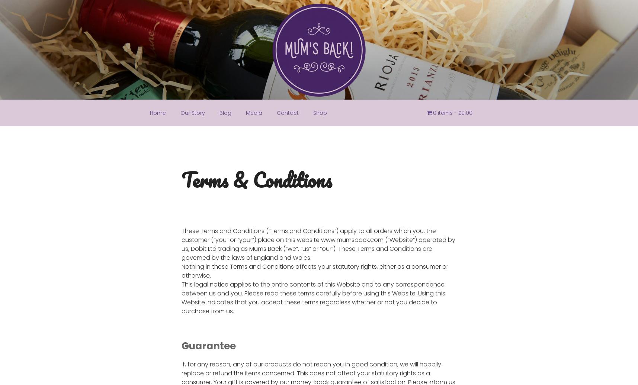  Describe the element at coordinates (192, 113) in the screenshot. I see `'Our Story'` at that location.